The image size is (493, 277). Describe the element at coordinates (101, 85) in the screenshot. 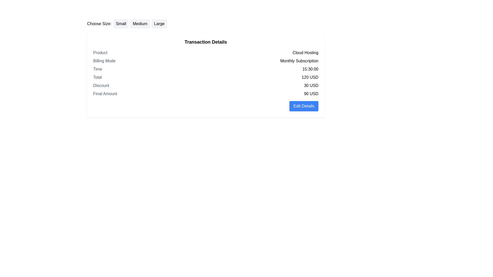

I see `the 'Discount' text label, which is displayed in gray font color and is positioned at the leftmost position in the pricing summary row` at that location.